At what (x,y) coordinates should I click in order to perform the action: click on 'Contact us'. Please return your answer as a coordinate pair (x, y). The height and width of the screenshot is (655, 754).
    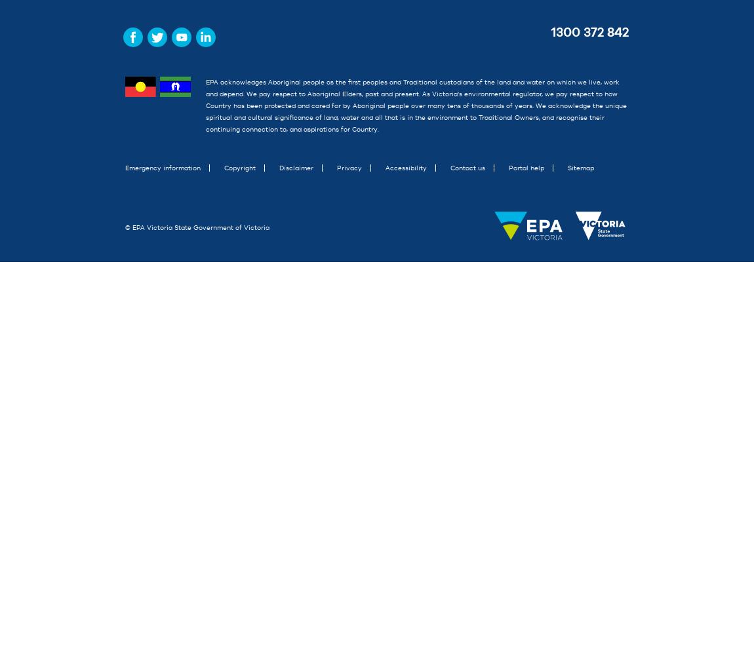
    Looking at the image, I should click on (450, 168).